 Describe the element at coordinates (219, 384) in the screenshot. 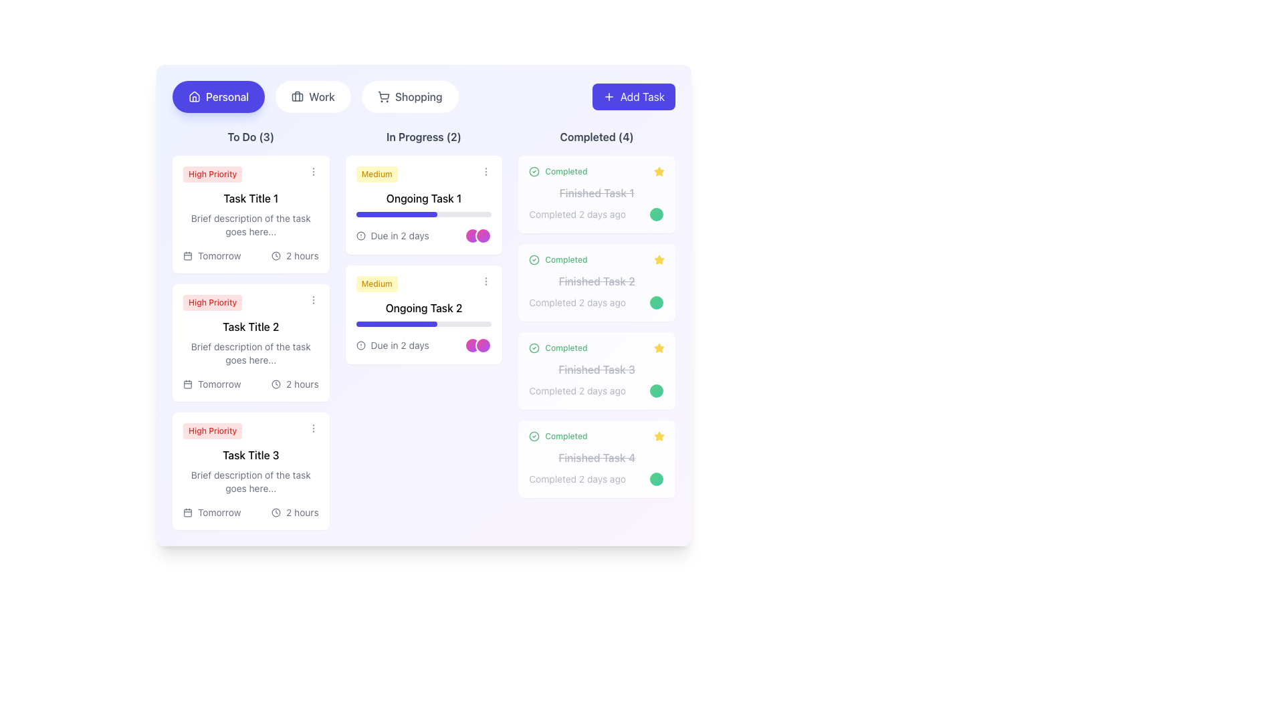

I see `text label displaying 'Tomorrow' which is located in the 'To Do' column under the second task card labeled 'Task Title 2', positioned below the task description and next to the calendar icon` at that location.